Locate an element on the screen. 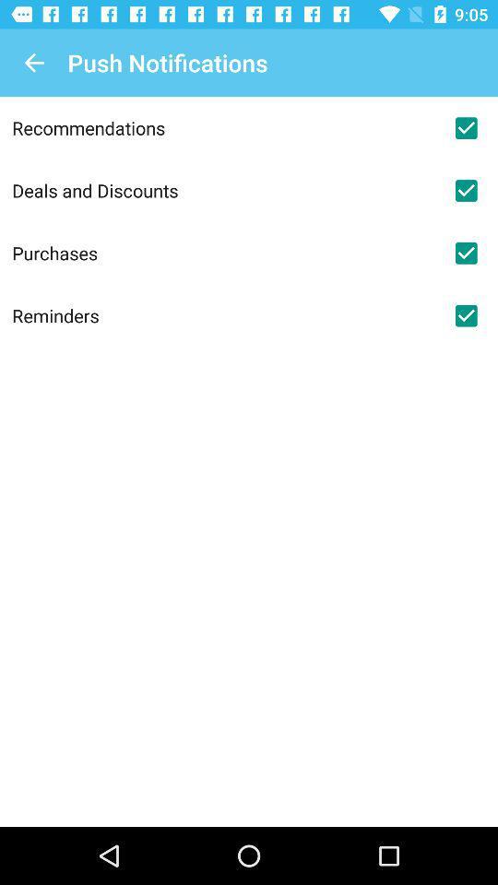  the deals and discounts is located at coordinates (223, 190).